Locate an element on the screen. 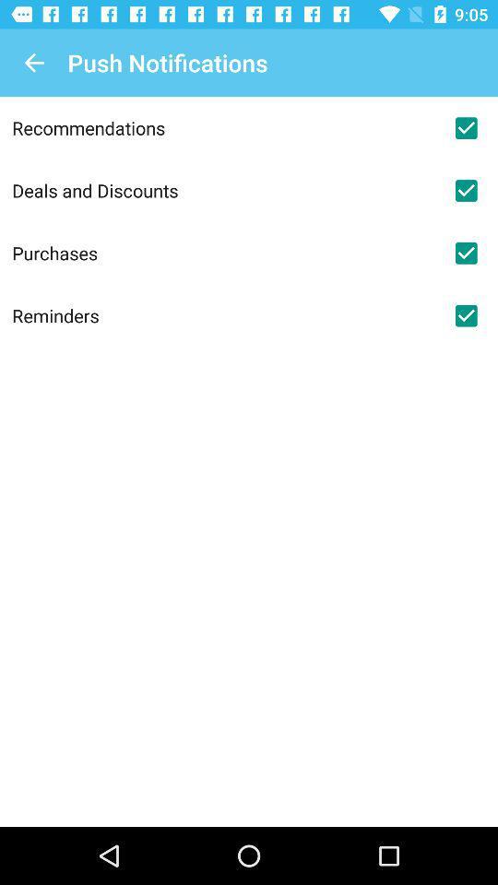  the deals and discounts is located at coordinates (223, 190).